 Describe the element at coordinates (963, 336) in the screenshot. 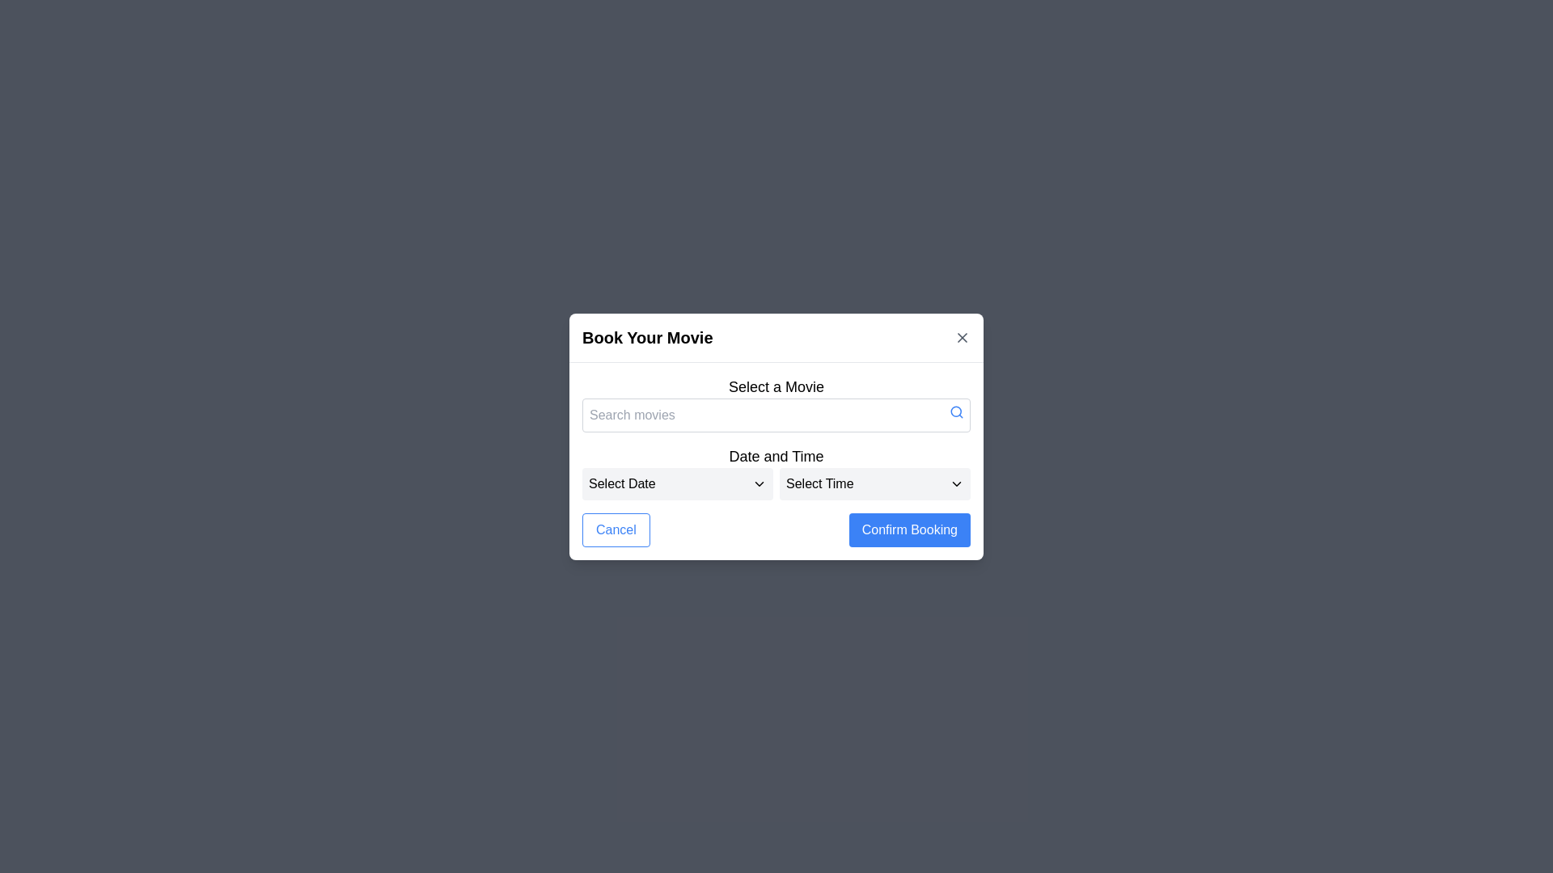

I see `the small cross-shaped icon located at the top-right corner of the 'Book Your Movie' modal` at that location.